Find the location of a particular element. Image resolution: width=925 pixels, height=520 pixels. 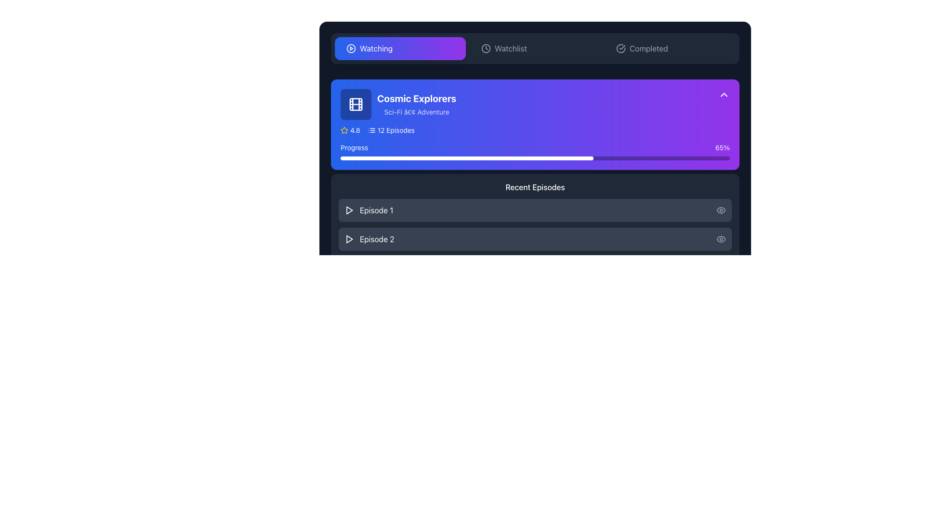

the 'Watchlist' button located in the navigation bar, which is the second button between the 'Watching' and 'Completed' buttons is located at coordinates (534, 48).